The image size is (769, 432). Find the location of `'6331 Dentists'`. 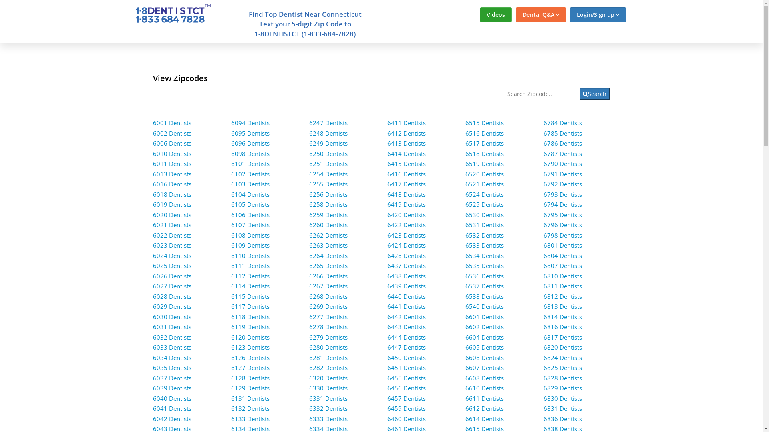

'6331 Dentists' is located at coordinates (309, 398).